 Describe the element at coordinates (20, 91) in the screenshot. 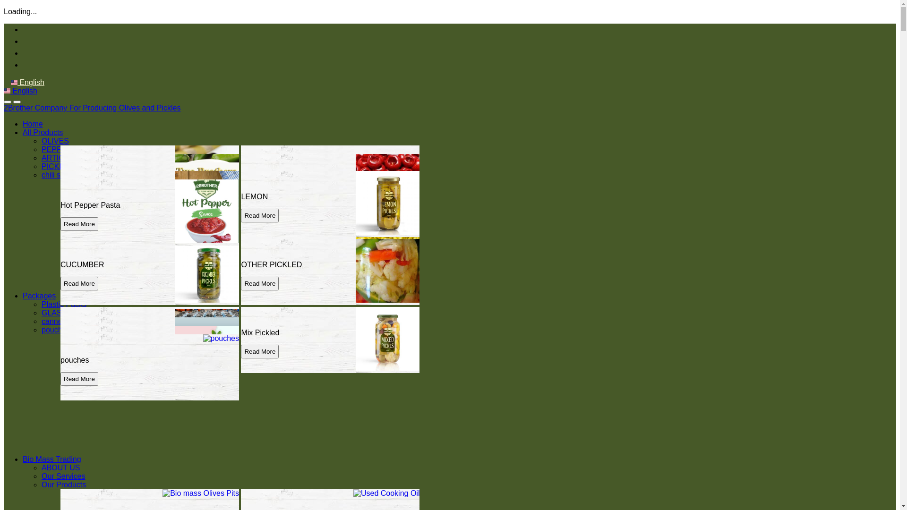

I see `'English'` at that location.